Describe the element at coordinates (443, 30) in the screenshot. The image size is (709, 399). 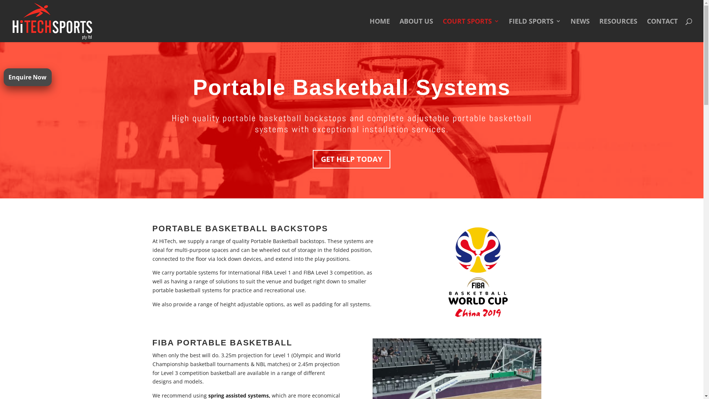
I see `'COURT SPORTS'` at that location.